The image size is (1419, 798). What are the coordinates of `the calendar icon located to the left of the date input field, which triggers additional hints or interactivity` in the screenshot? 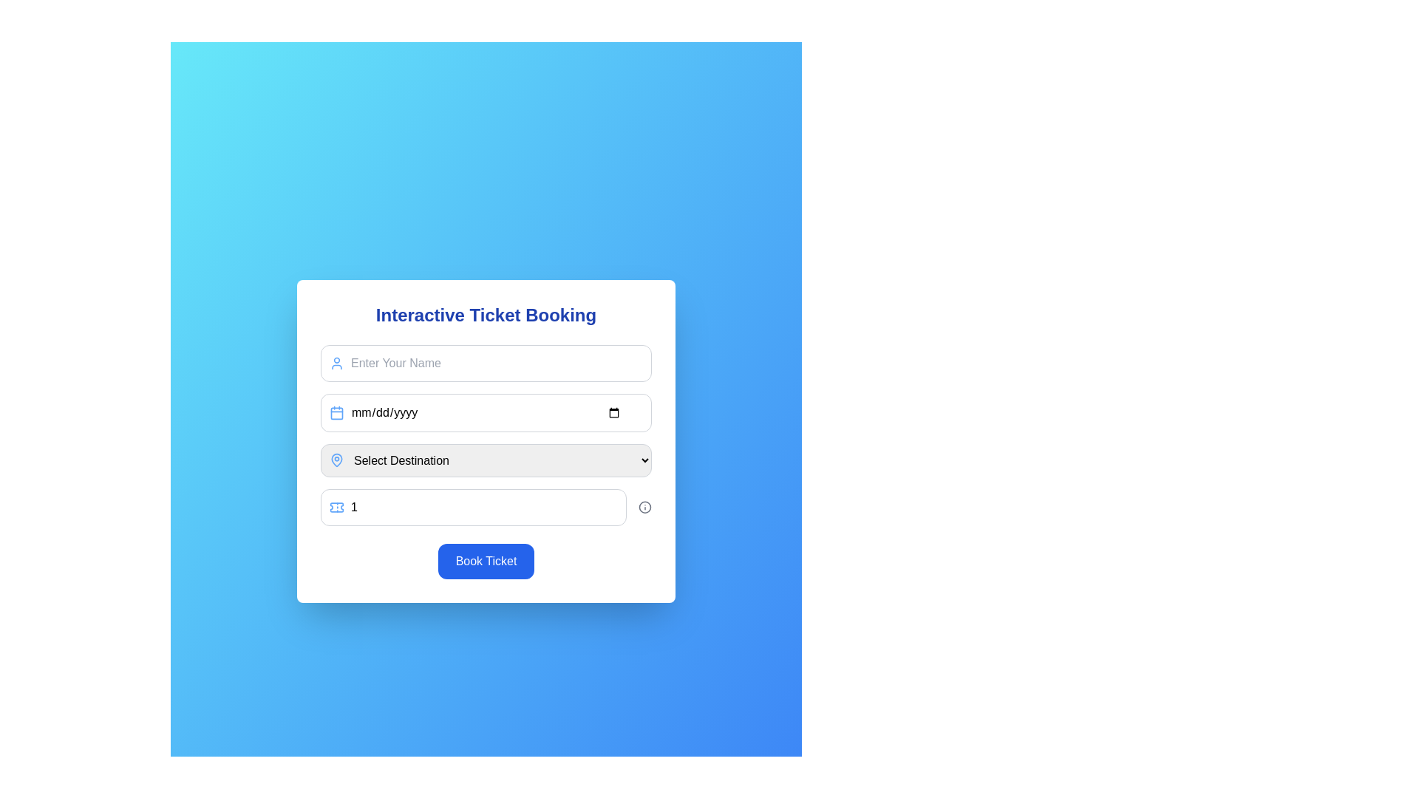 It's located at (336, 412).